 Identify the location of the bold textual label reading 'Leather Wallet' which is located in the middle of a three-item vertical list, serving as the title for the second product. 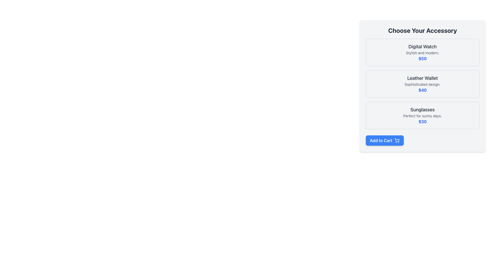
(422, 78).